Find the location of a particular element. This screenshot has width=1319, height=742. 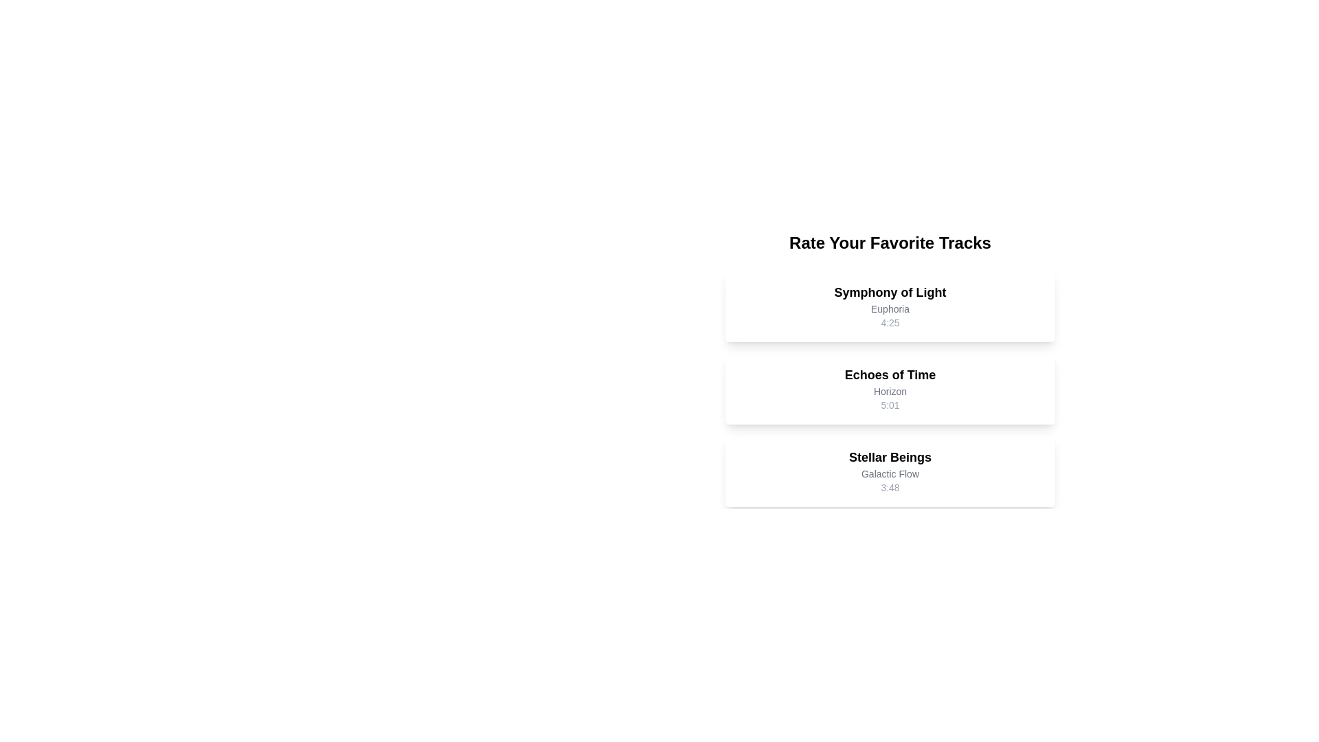

the Informational Card displaying the music track's details, which includes the track title in bold, a subtitle in gray, and the duration in lighter gray, styled with padding, rounded borders, and a shadow effect is located at coordinates (890, 306).